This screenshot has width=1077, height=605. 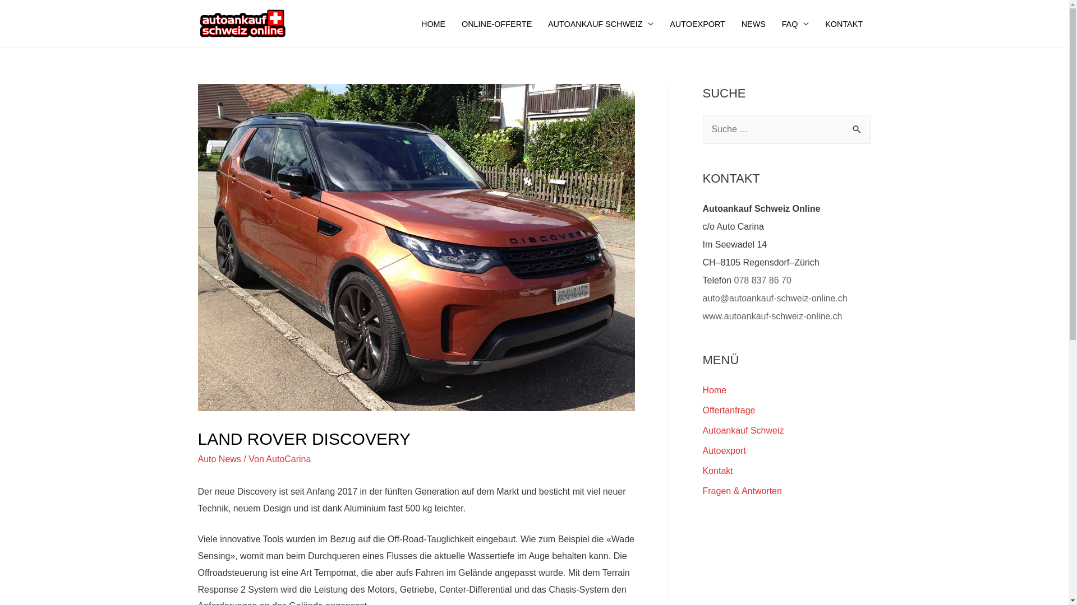 I want to click on 'Fragen & Antworten', so click(x=742, y=490).